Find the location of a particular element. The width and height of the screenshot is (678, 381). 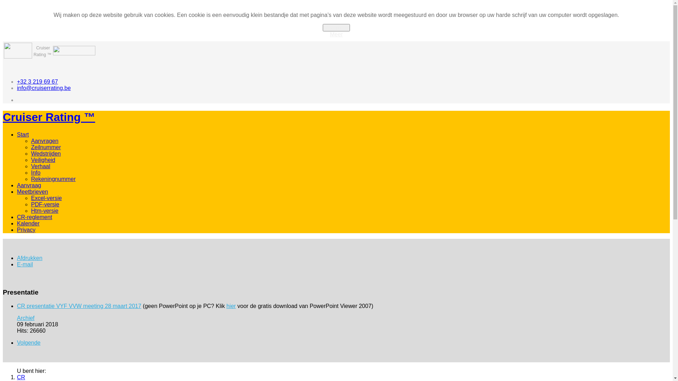

'CR-reglement' is located at coordinates (34, 217).